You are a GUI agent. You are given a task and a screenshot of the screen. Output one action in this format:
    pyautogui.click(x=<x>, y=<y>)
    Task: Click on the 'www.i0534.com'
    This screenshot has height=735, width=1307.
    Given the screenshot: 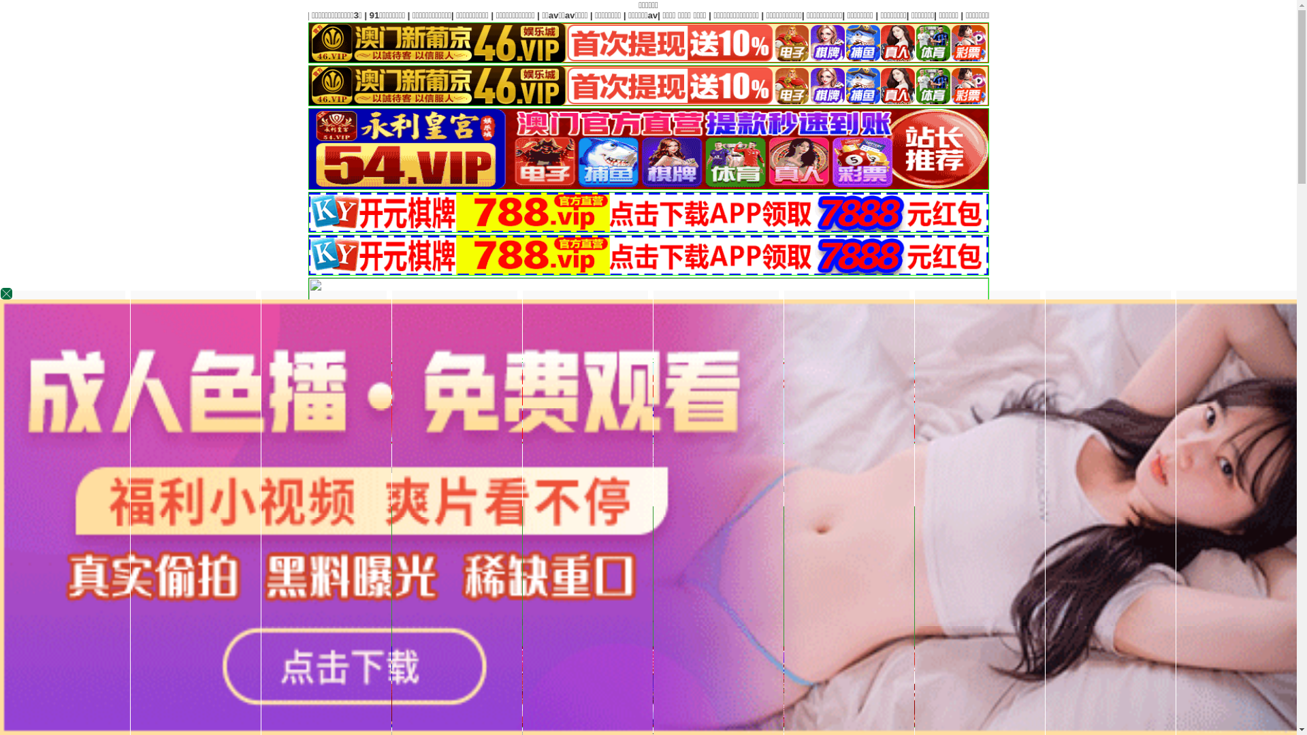 What is the action you would take?
    pyautogui.click(x=781, y=469)
    